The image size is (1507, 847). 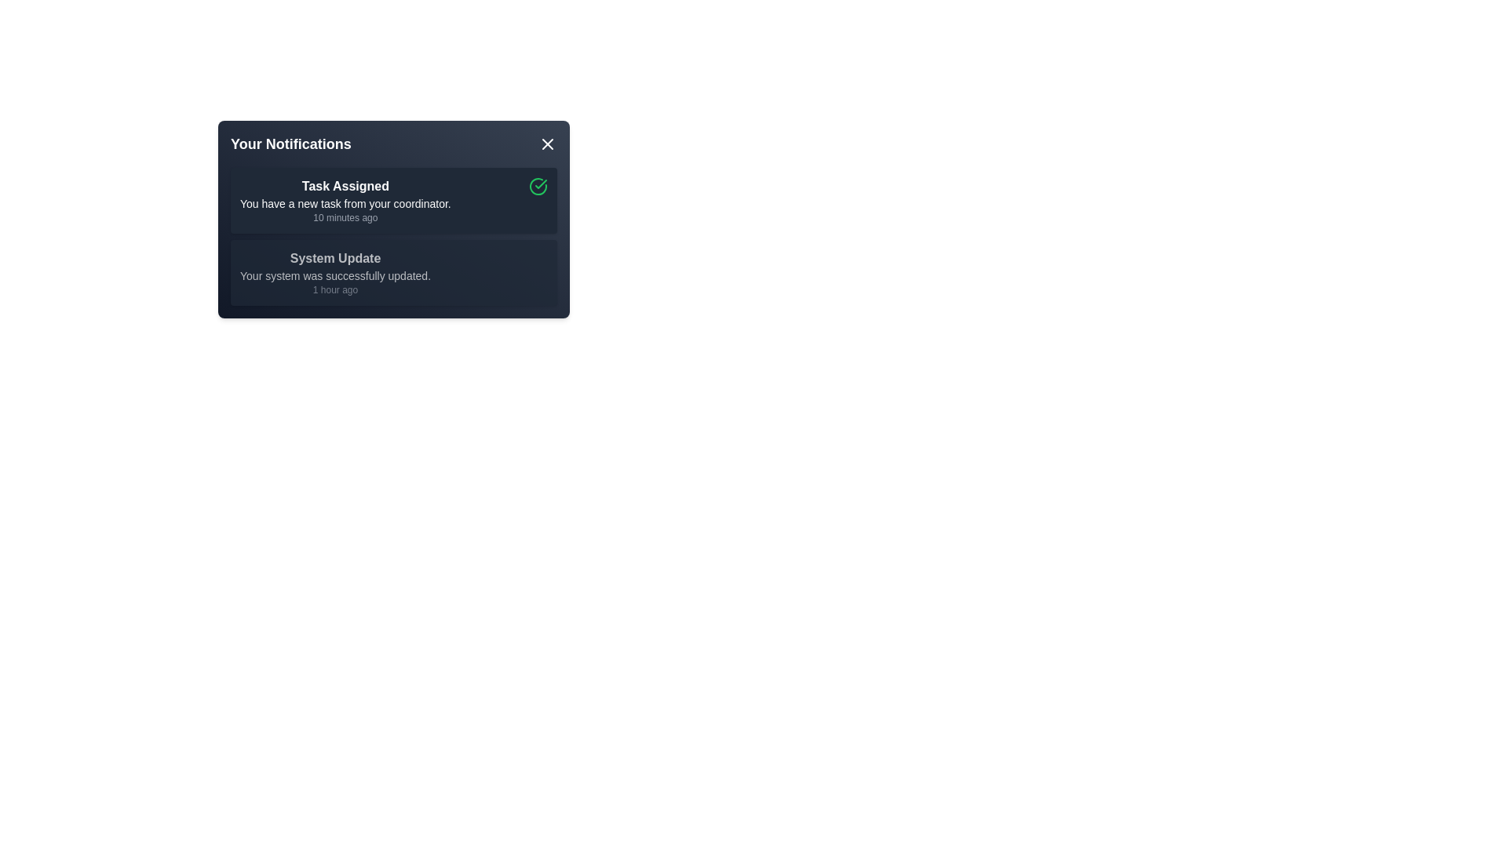 What do you see at coordinates (345, 186) in the screenshot?
I see `the 'Task Assigned' text label, which is bold and white against a dark blue background, located in the 'Your Notifications' panel` at bounding box center [345, 186].